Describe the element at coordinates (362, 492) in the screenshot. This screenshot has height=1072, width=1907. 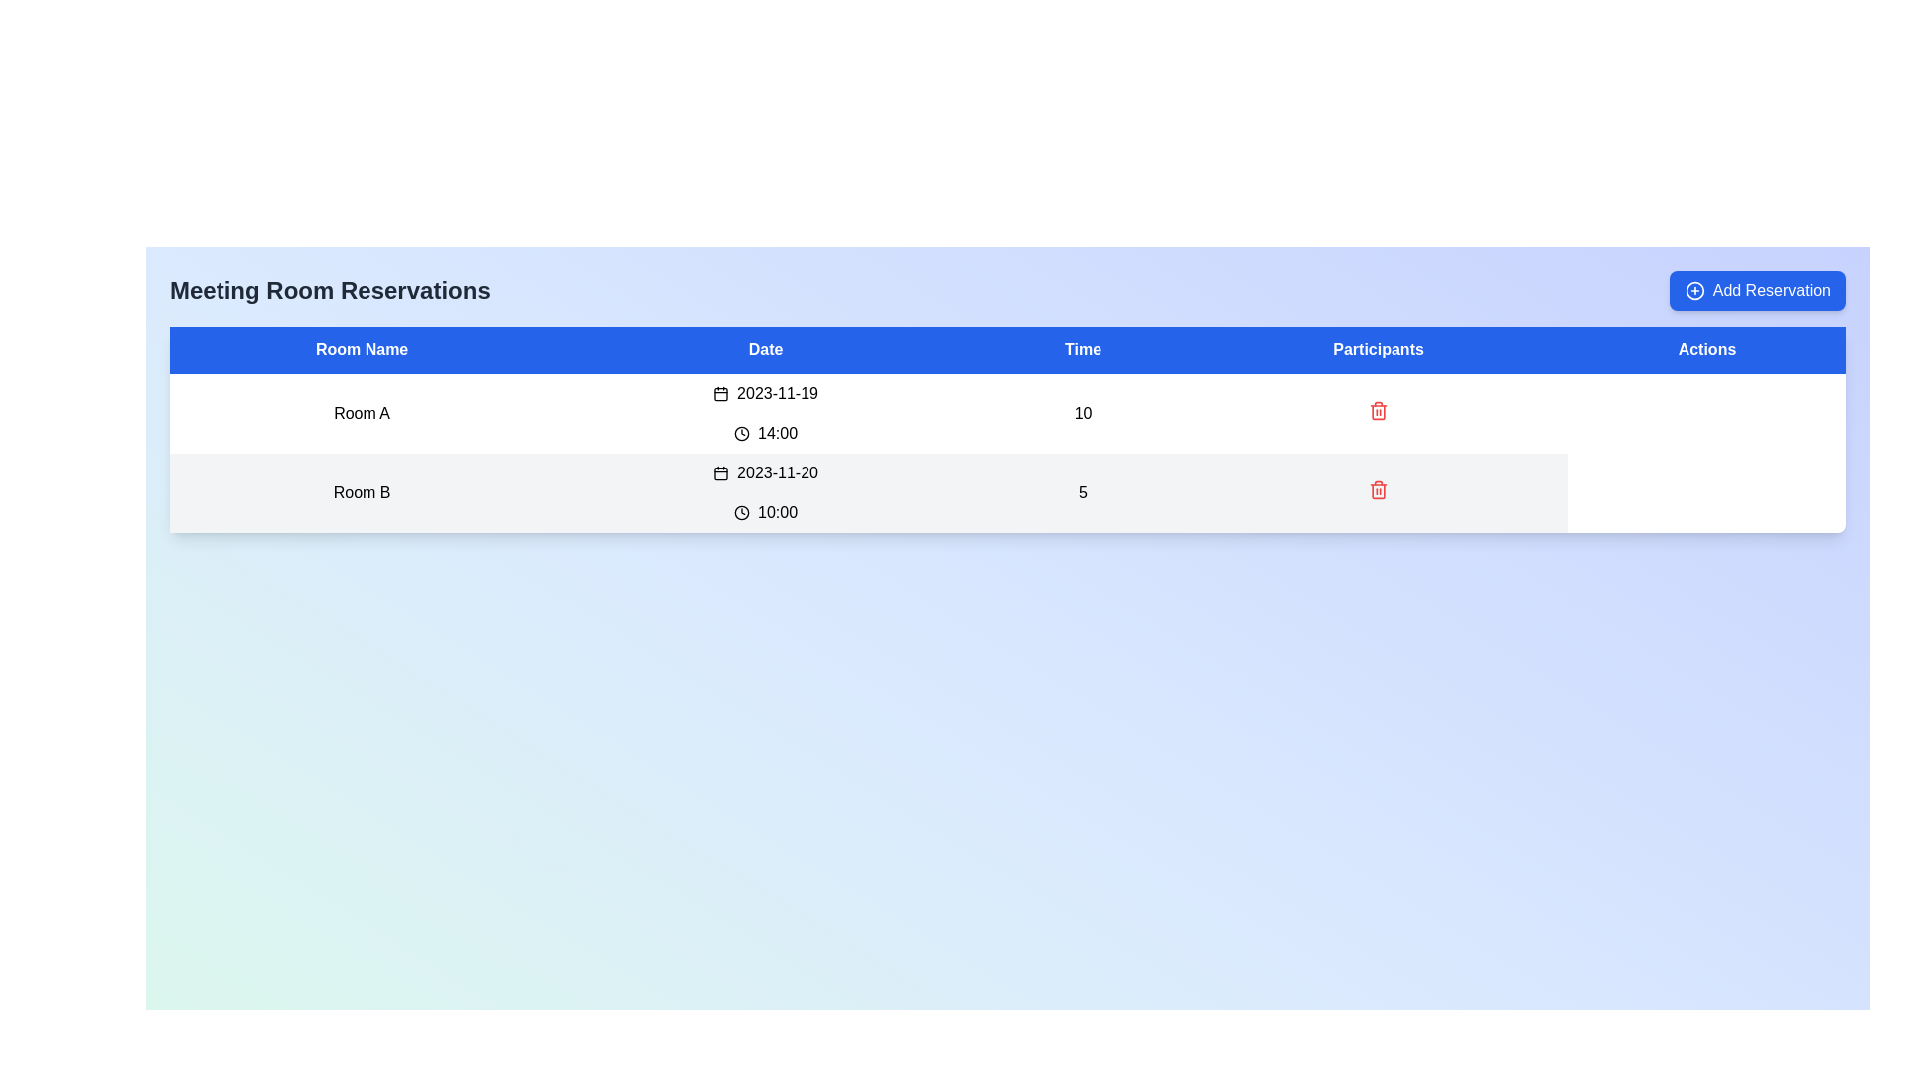
I see `the text label displaying 'Room B', which is part of the second row in a table under the 'Room Name' column` at that location.